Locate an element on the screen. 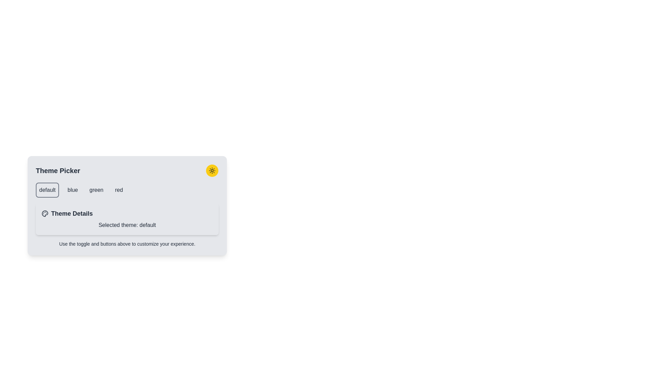  the theme-related icon located at the center of the button in the top-right corner of the card is located at coordinates (212, 170).